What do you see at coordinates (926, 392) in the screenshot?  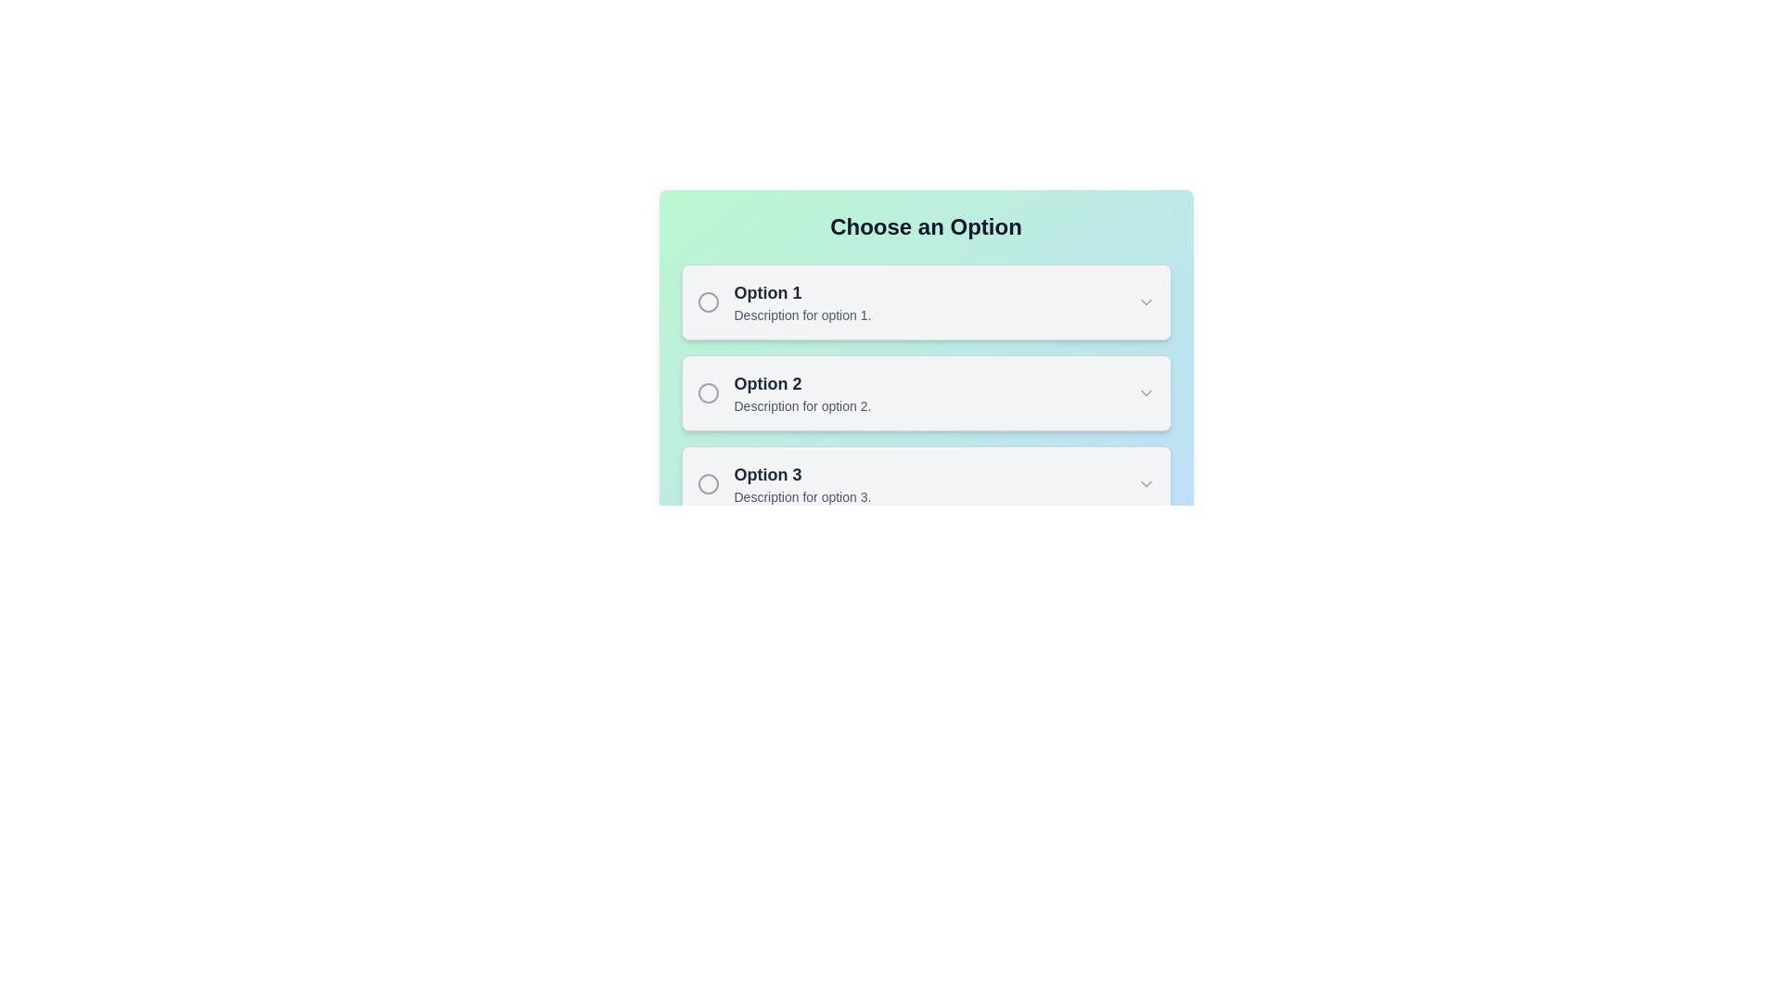 I see `the second selectable list item titled 'Choose an Option'` at bounding box center [926, 392].